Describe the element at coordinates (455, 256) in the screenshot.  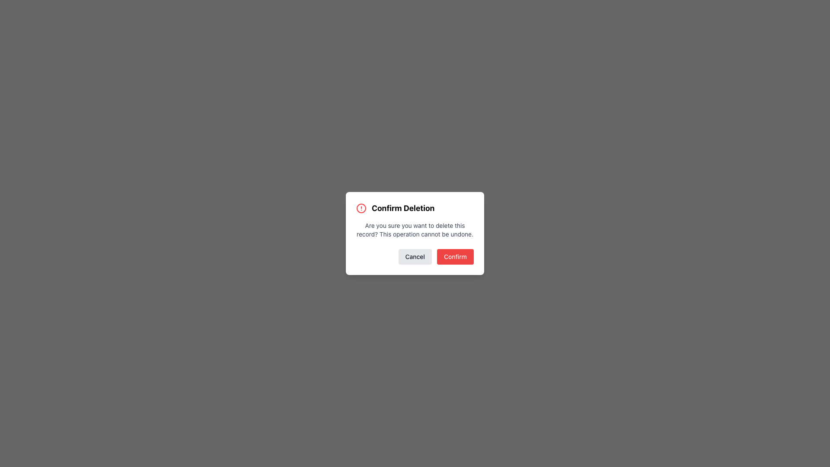
I see `the red 'Confirm' button with rounded borders located at the bottom-right of the dialog box to confirm` at that location.